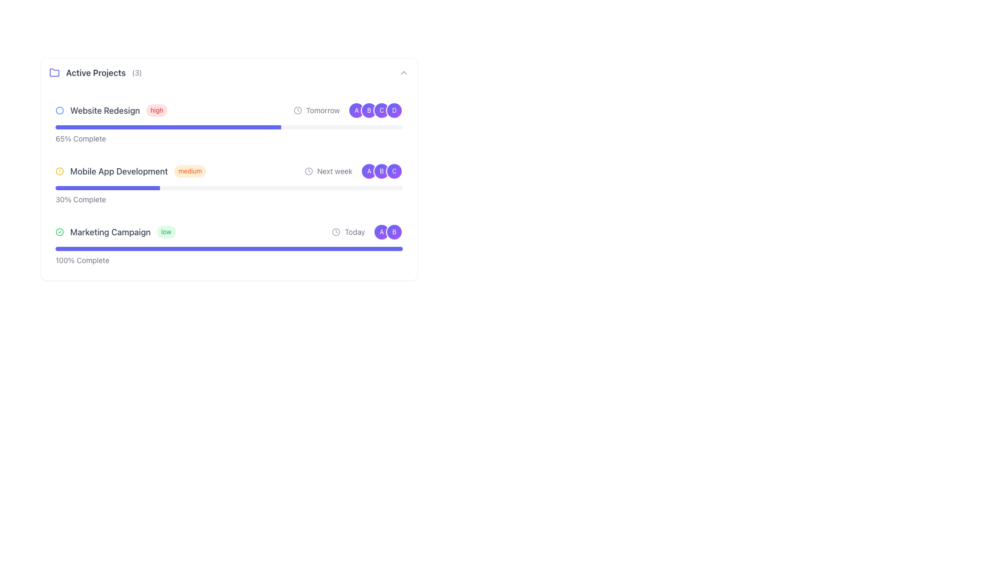 The image size is (1007, 566). Describe the element at coordinates (394, 232) in the screenshot. I see `the circular button labeled 'B' with a gradient background transitioning from indigo to purple, located at the bottom-most task in the list, next to the circular button 'A'` at that location.